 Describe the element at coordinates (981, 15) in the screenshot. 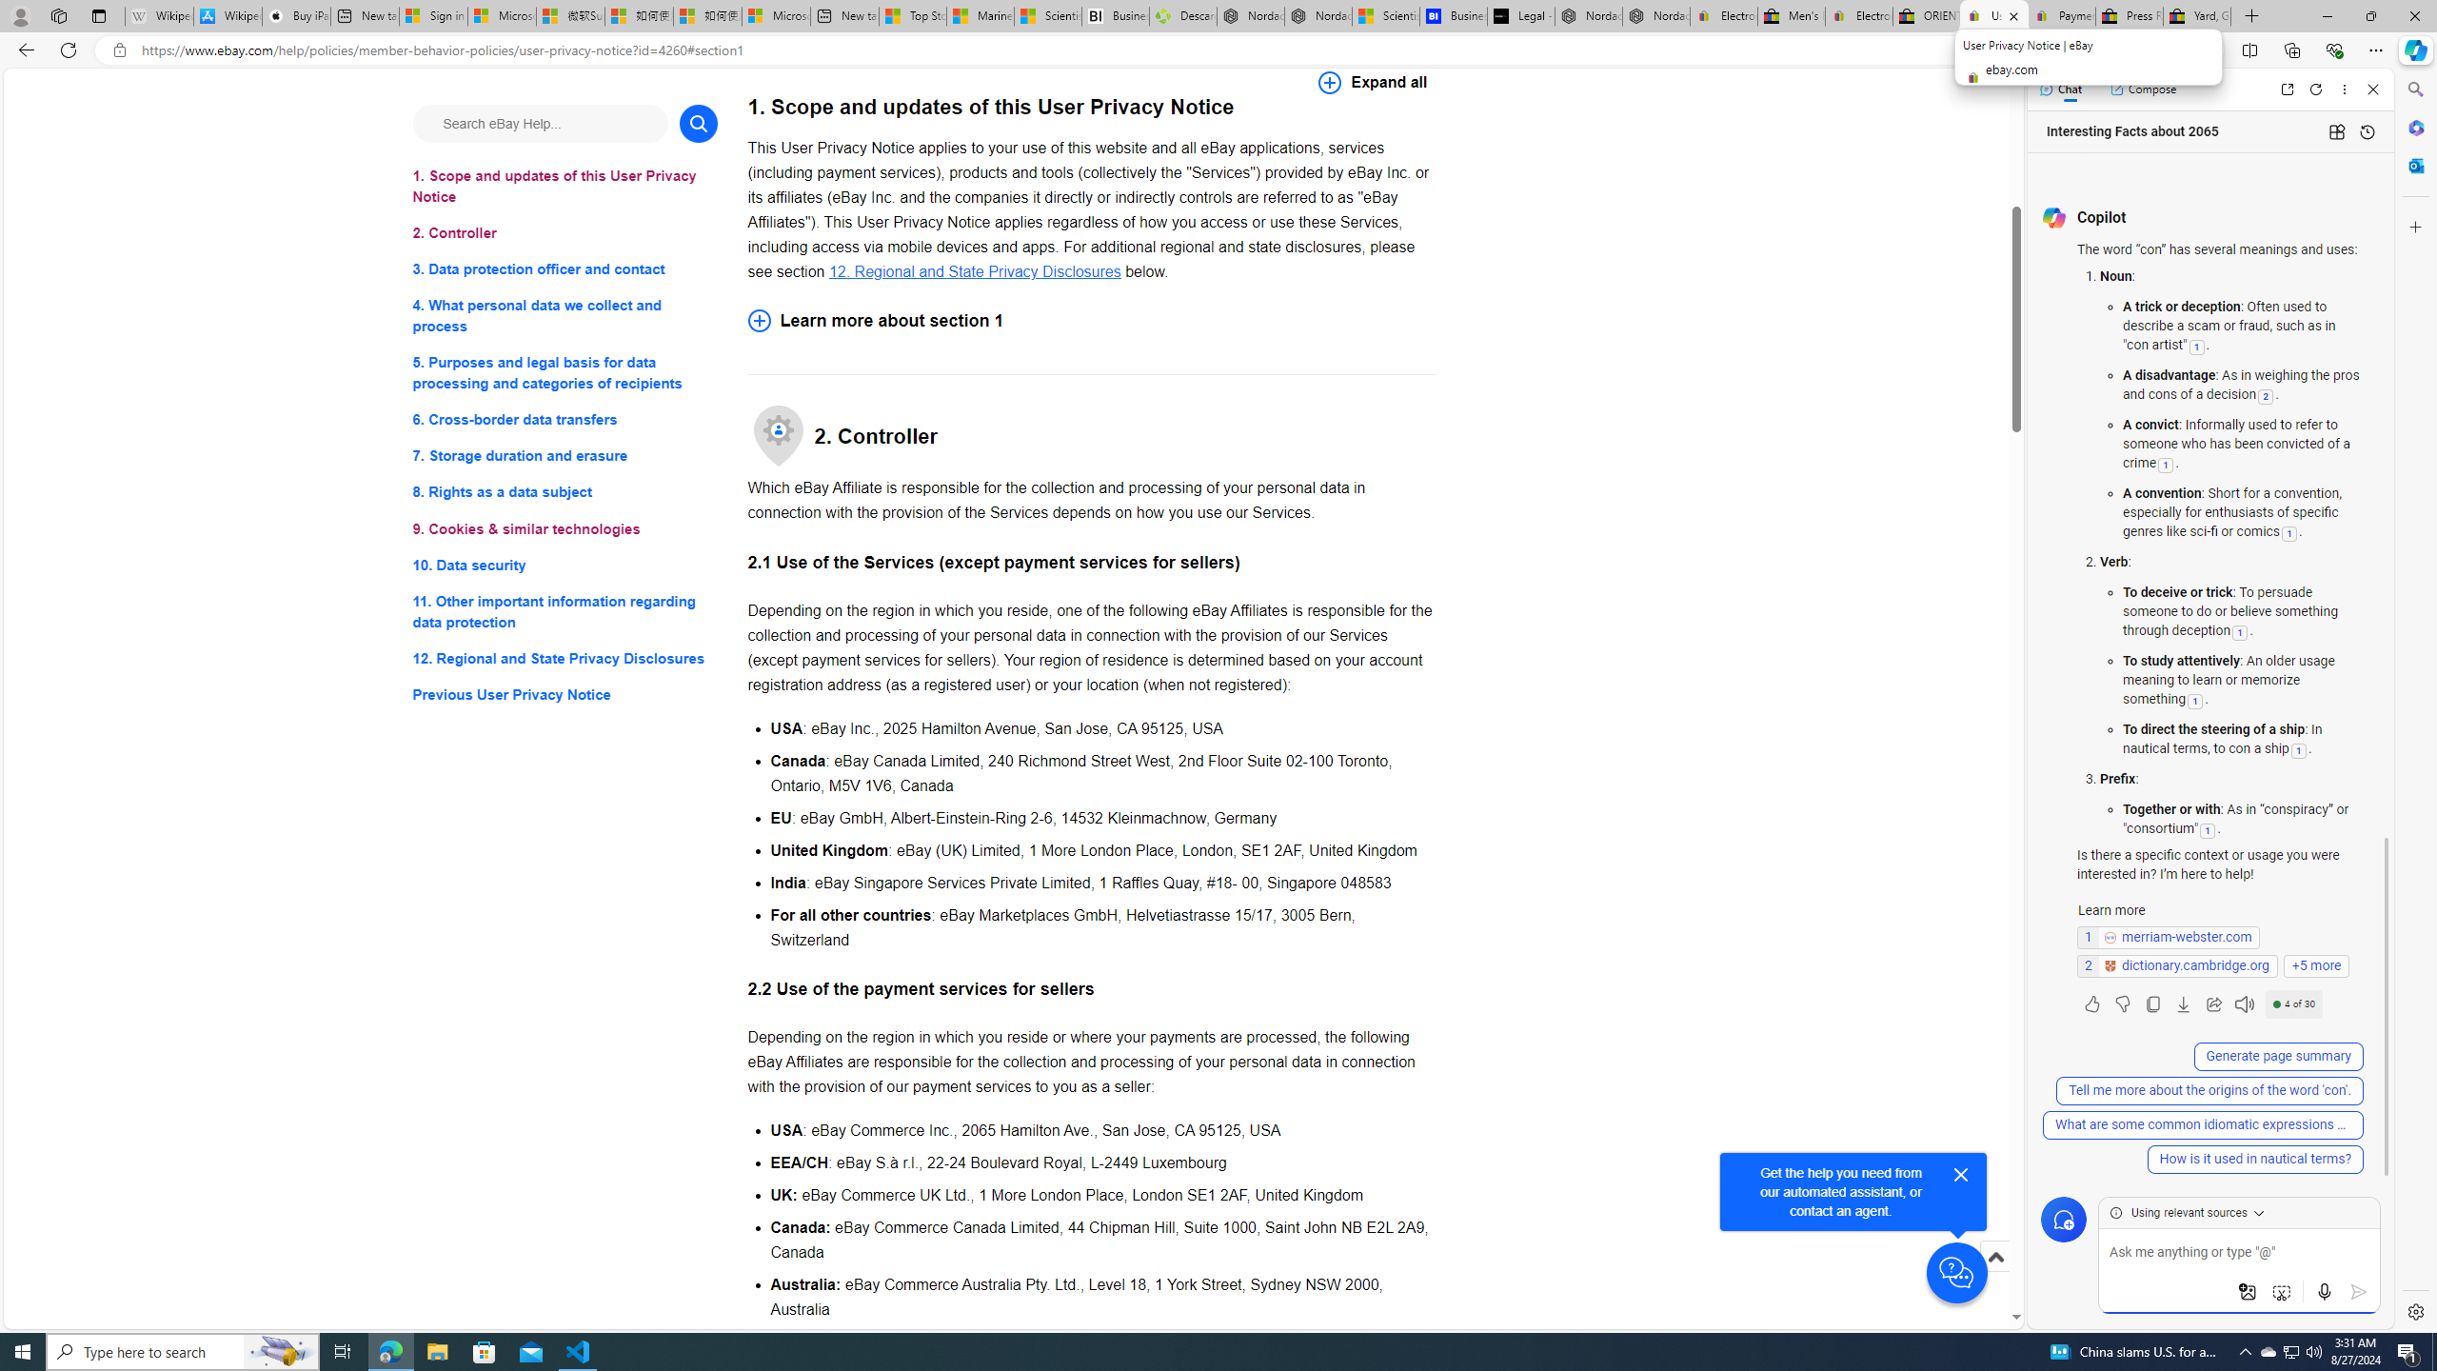

I see `'Marine life - MSN'` at that location.